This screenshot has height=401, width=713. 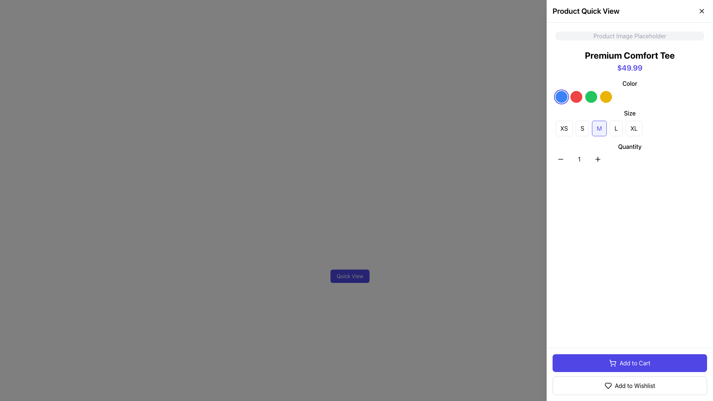 What do you see at coordinates (629, 363) in the screenshot?
I see `the 'Add to Cart' button, which is a horizontally rectangular button with a solid indigo background and white text, located at the bottom section of the modal interface` at bounding box center [629, 363].